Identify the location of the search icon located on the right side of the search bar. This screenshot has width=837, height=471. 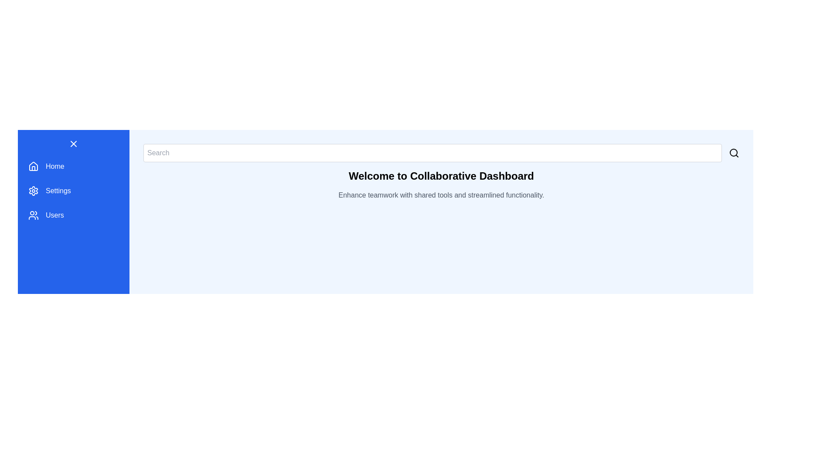
(734, 153).